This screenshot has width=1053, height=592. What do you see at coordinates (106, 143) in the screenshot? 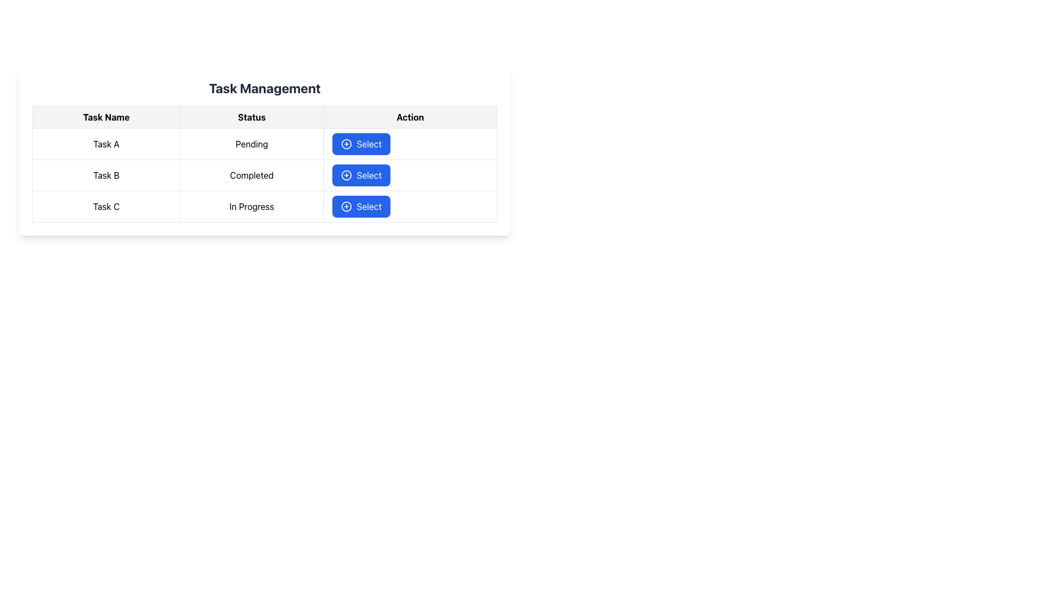
I see `the text label reading 'Task A', which is styled in black font and located in the first row of the 'Task Name' column of a table-like structure` at bounding box center [106, 143].